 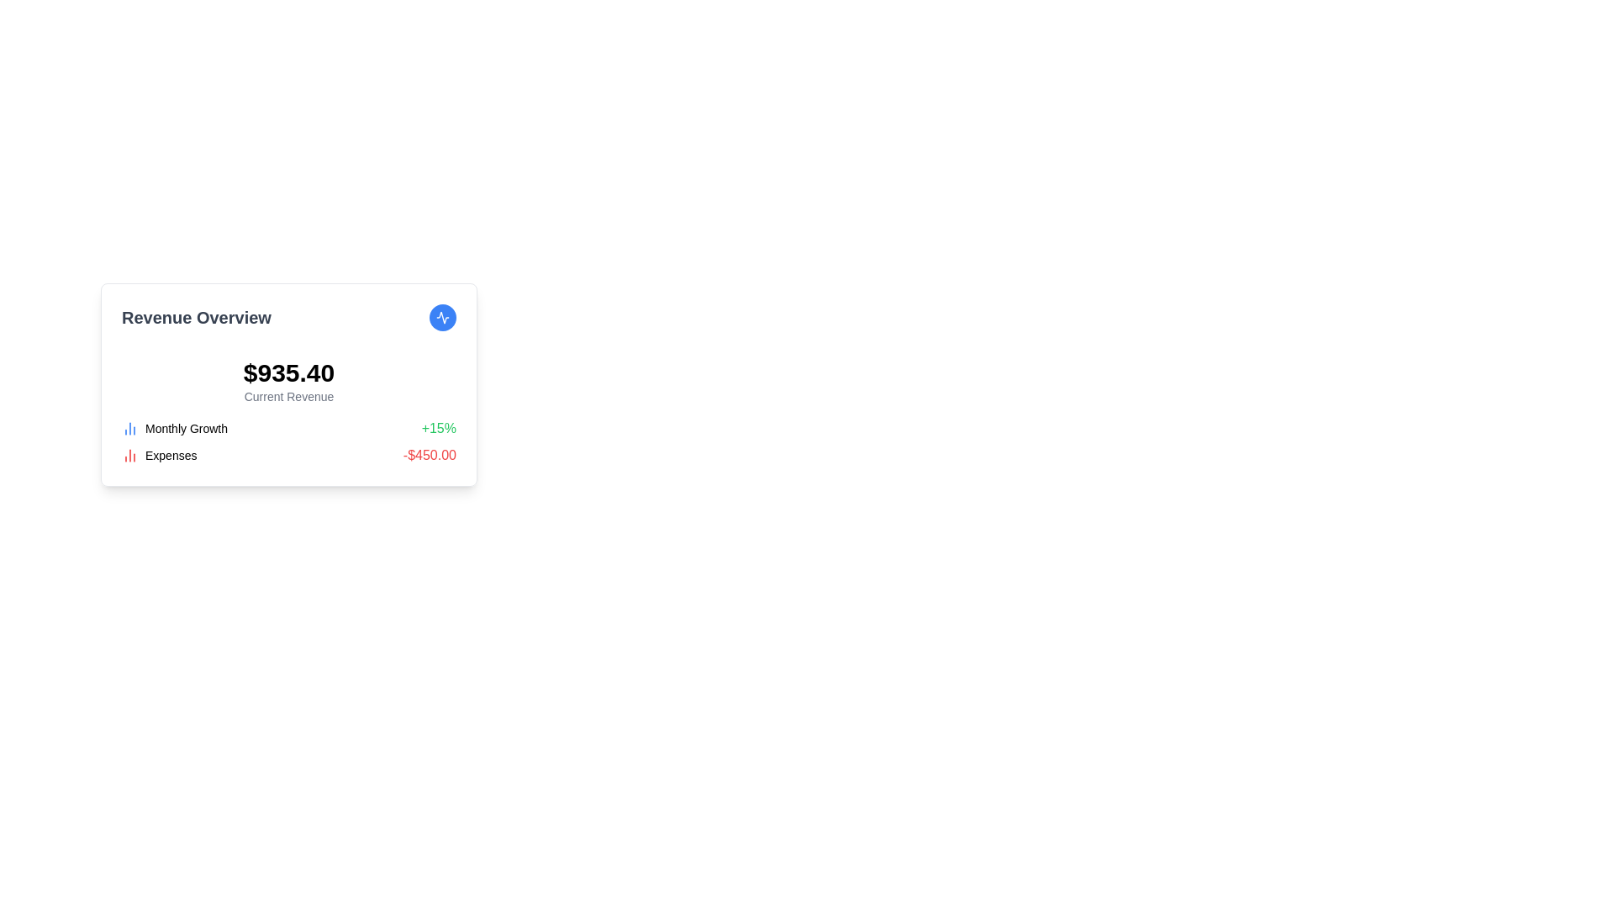 What do you see at coordinates (289, 382) in the screenshot?
I see `the Text Display element that shows the monetary value '$935.40' and the label 'Current Revenue', located in the 'Revenue Overview' card` at bounding box center [289, 382].